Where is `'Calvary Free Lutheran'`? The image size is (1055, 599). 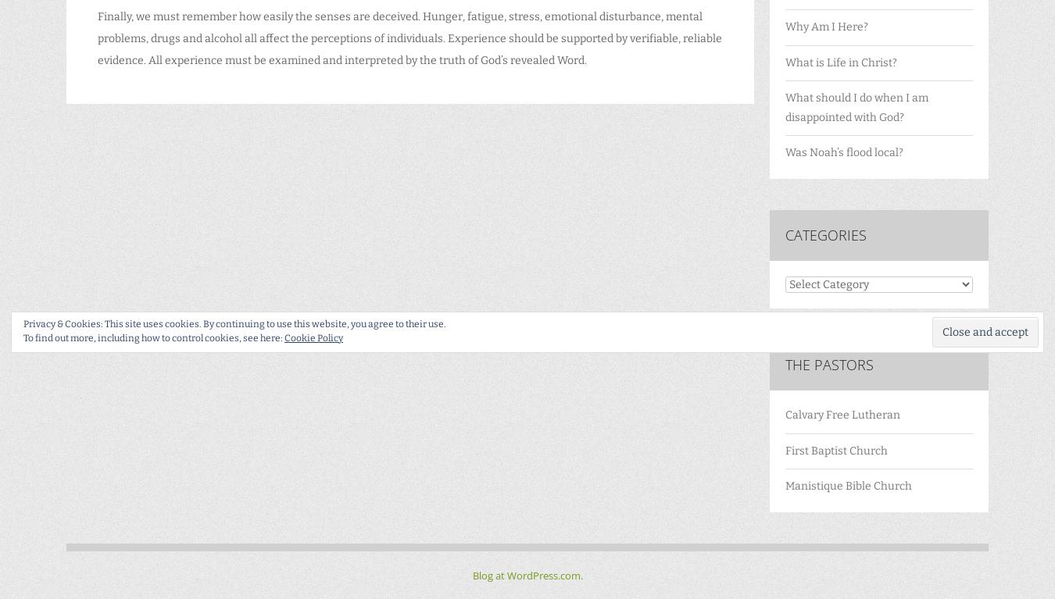
'Calvary Free Lutheran' is located at coordinates (842, 415).